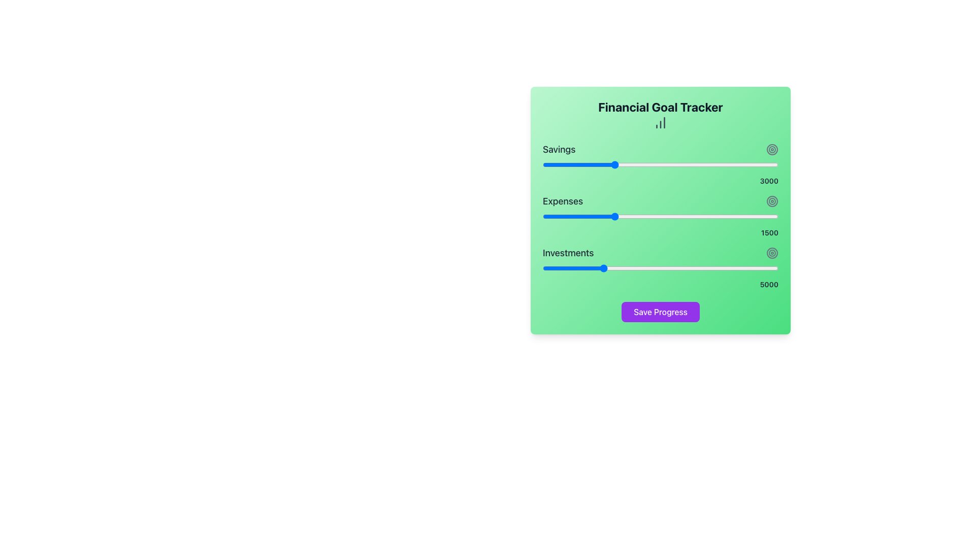  I want to click on the vibrant red horizontal slider located in the 'Expenses' section, positioned beneath the 'Expenses' label and above the value display of '1500', so click(660, 216).